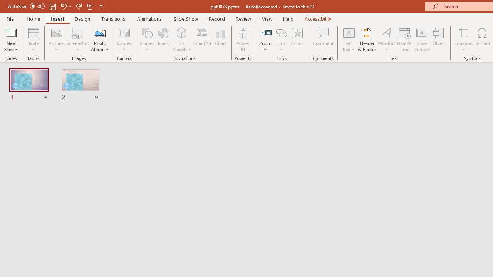  Describe the element at coordinates (482, 40) in the screenshot. I see `'Symbol...'` at that location.